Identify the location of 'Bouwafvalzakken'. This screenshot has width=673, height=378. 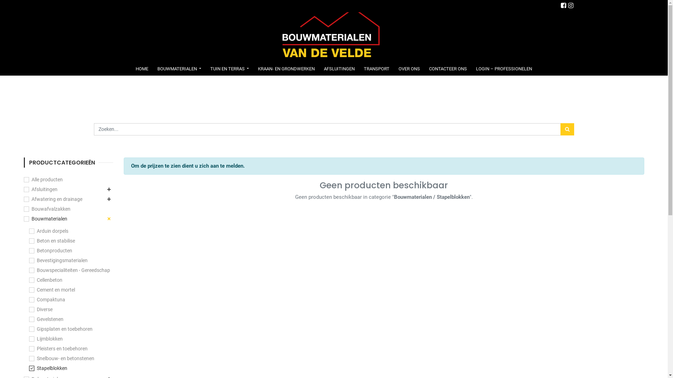
(47, 209).